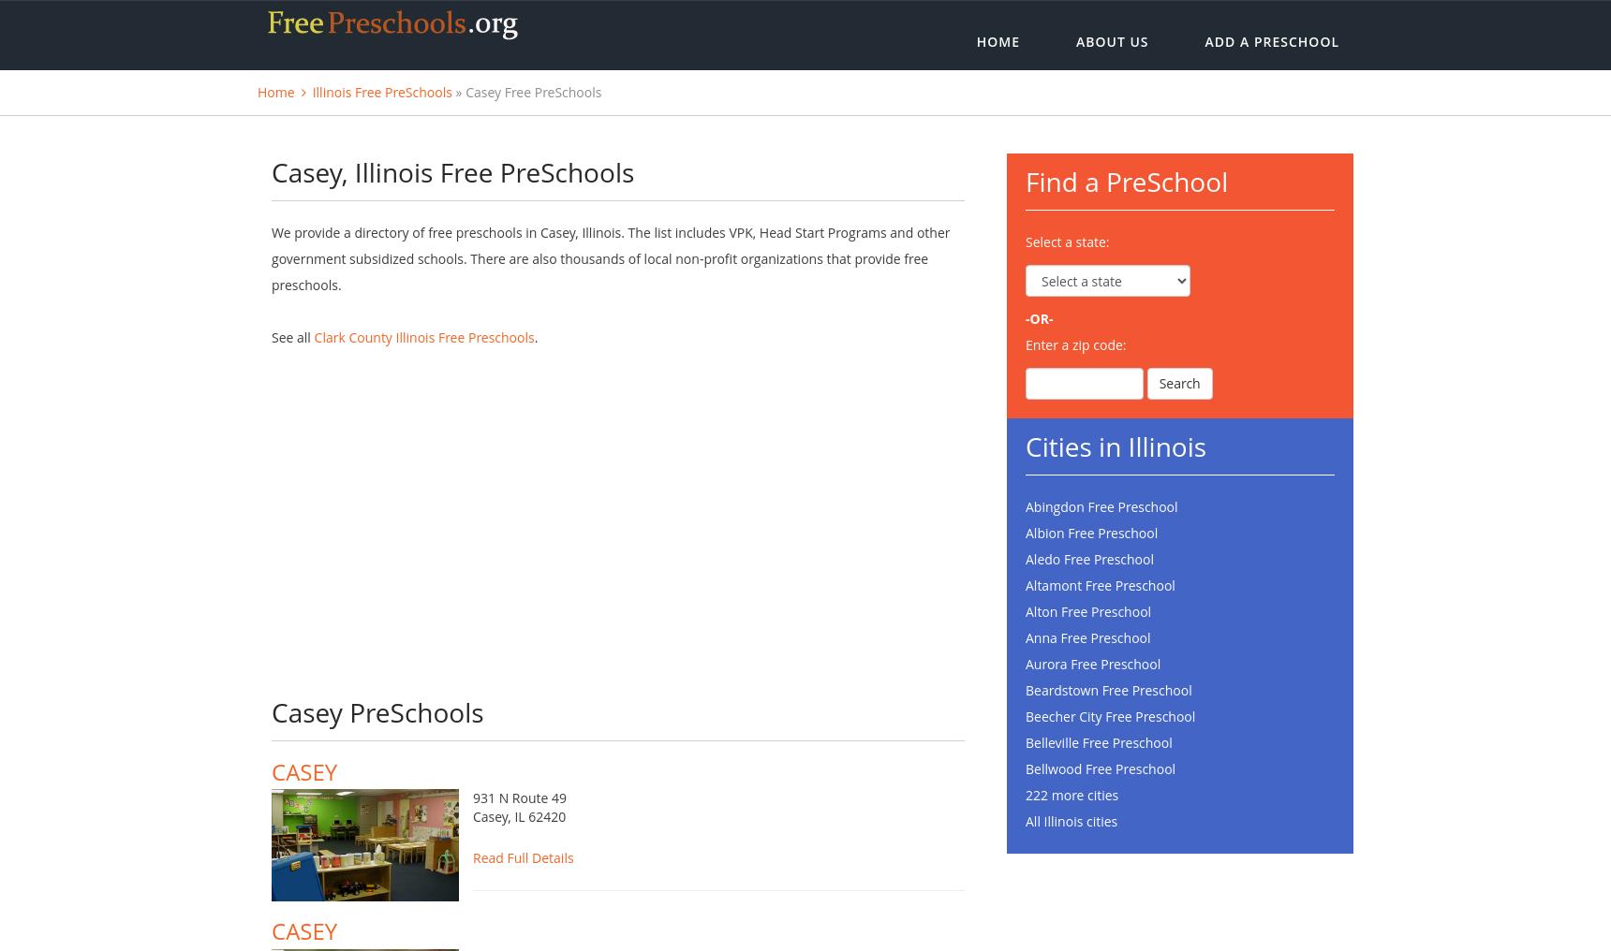 The image size is (1611, 951). What do you see at coordinates (1109, 736) in the screenshot?
I see `'Beecher City Free Preschool'` at bounding box center [1109, 736].